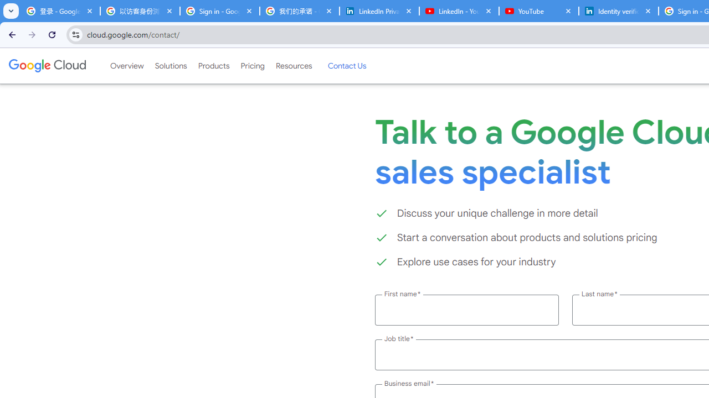 This screenshot has height=398, width=709. Describe the element at coordinates (459, 11) in the screenshot. I see `'LinkedIn - YouTube'` at that location.